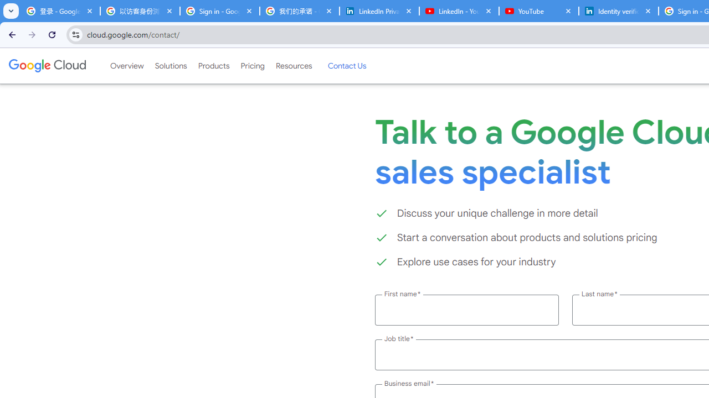 This screenshot has height=398, width=709. Describe the element at coordinates (459, 11) in the screenshot. I see `'LinkedIn - YouTube'` at that location.